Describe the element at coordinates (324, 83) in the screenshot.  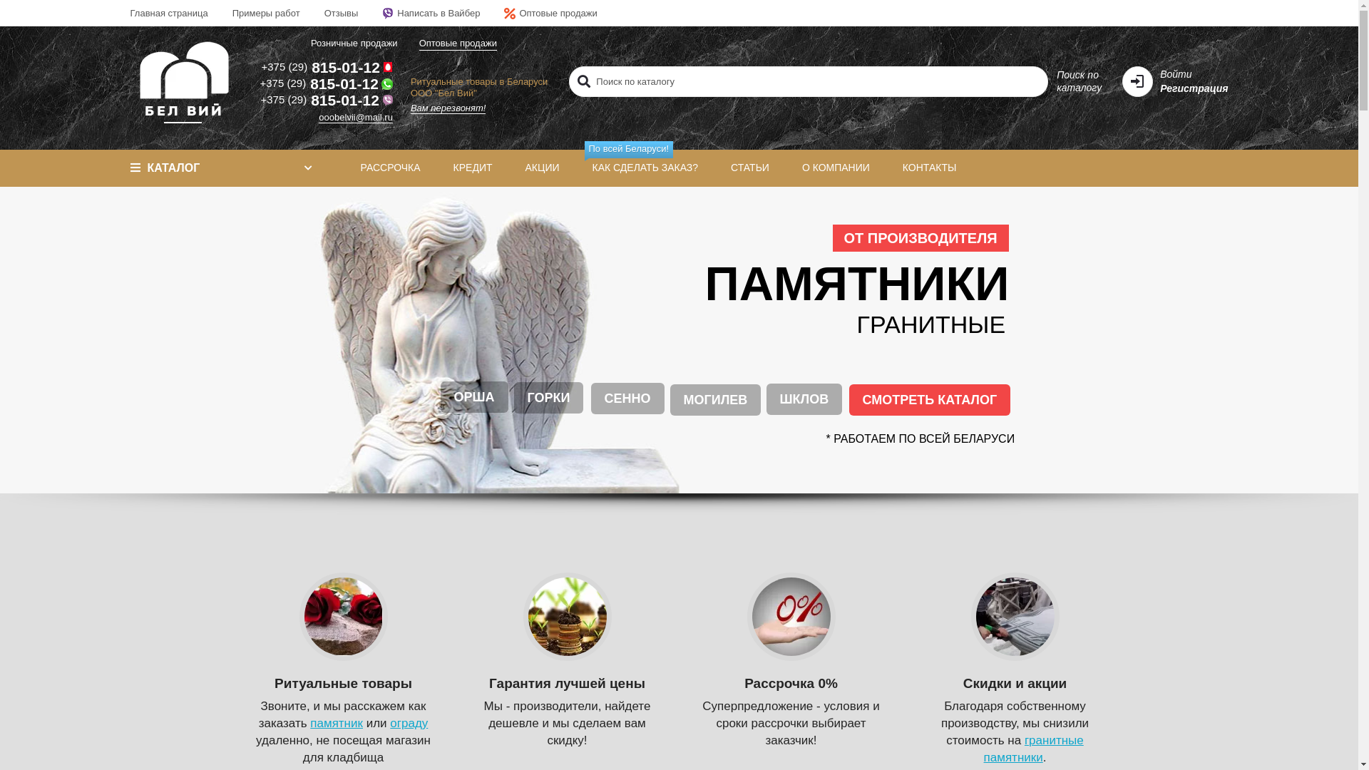
I see `'+375 (29)` at that location.